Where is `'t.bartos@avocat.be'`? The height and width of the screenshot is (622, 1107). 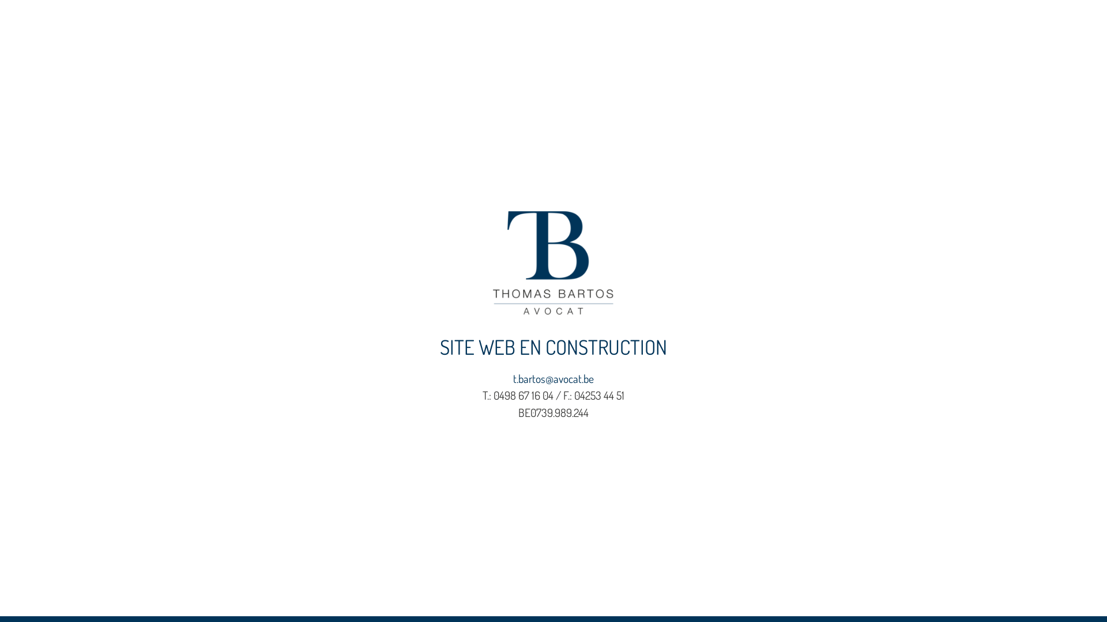
't.bartos@avocat.be' is located at coordinates (553, 378).